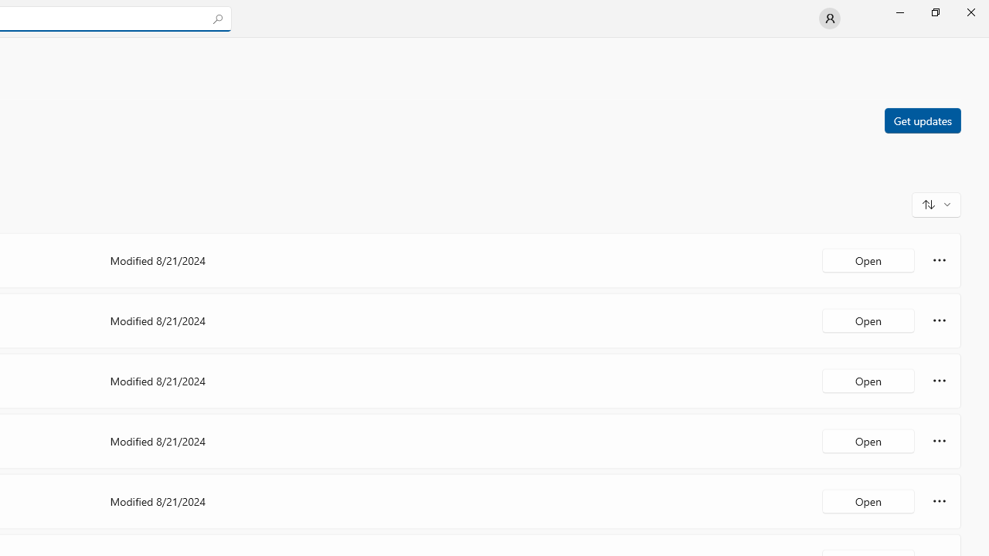 This screenshot has height=556, width=989. I want to click on 'More options', so click(939, 501).